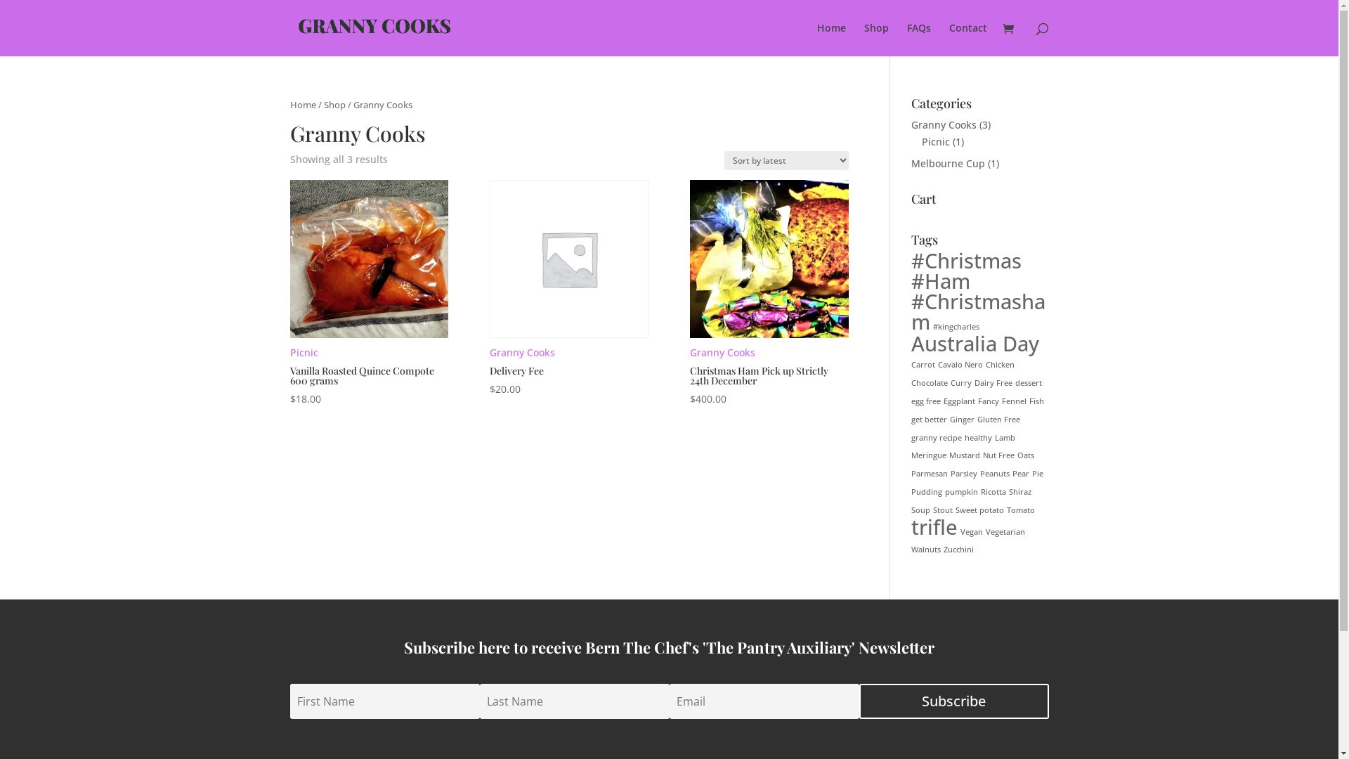 Image resolution: width=1349 pixels, height=759 pixels. What do you see at coordinates (1029, 382) in the screenshot?
I see `'dessert'` at bounding box center [1029, 382].